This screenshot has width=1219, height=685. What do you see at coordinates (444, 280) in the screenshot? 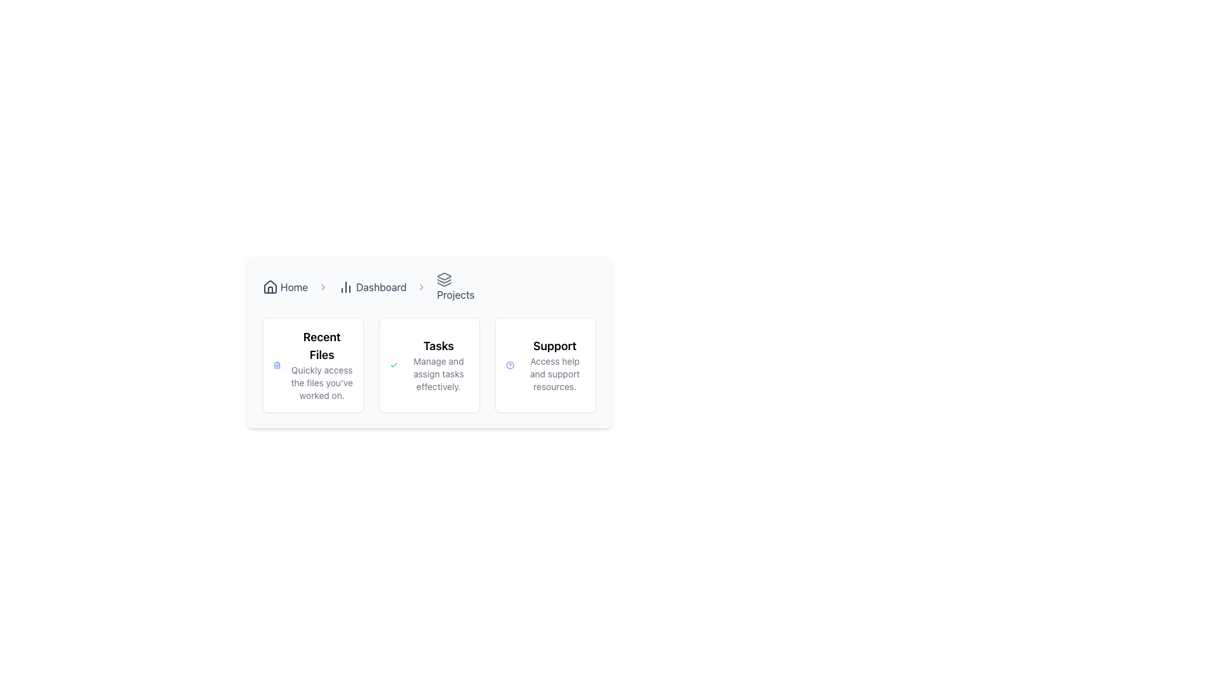
I see `the decorative SVG icon element located in the breadcrumbs navigation section, just before the text 'Projects'` at bounding box center [444, 280].